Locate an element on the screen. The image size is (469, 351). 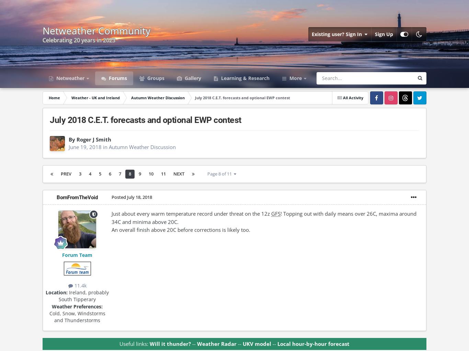
'UKV model' is located at coordinates (257, 344).